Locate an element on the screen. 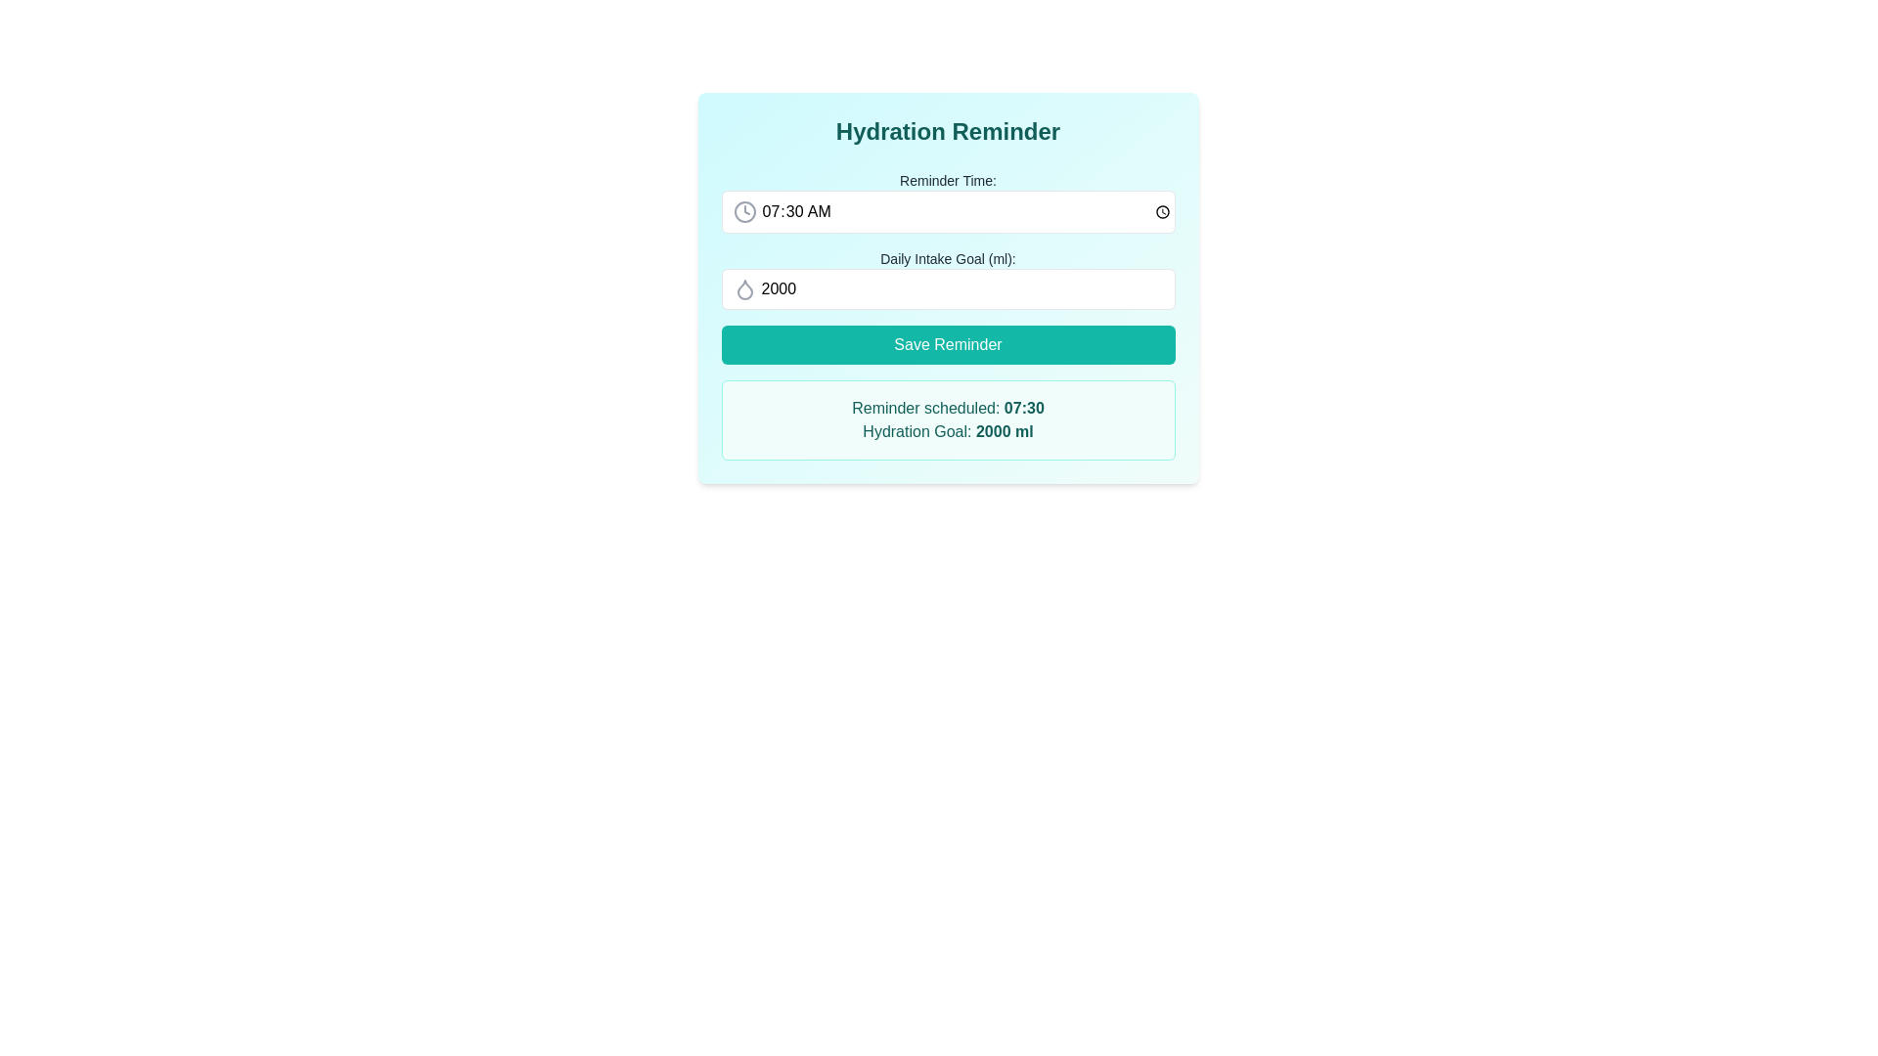  the 'Hydration Reminder' panel which contains interactive fields and a 'Save Reminder' button is located at coordinates (948, 287).